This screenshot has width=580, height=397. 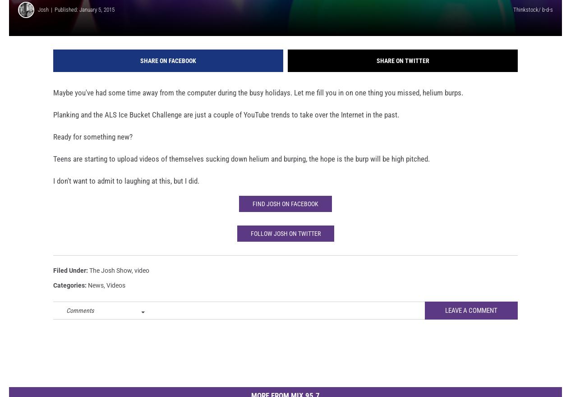 I want to click on 'Videos', so click(x=115, y=297).